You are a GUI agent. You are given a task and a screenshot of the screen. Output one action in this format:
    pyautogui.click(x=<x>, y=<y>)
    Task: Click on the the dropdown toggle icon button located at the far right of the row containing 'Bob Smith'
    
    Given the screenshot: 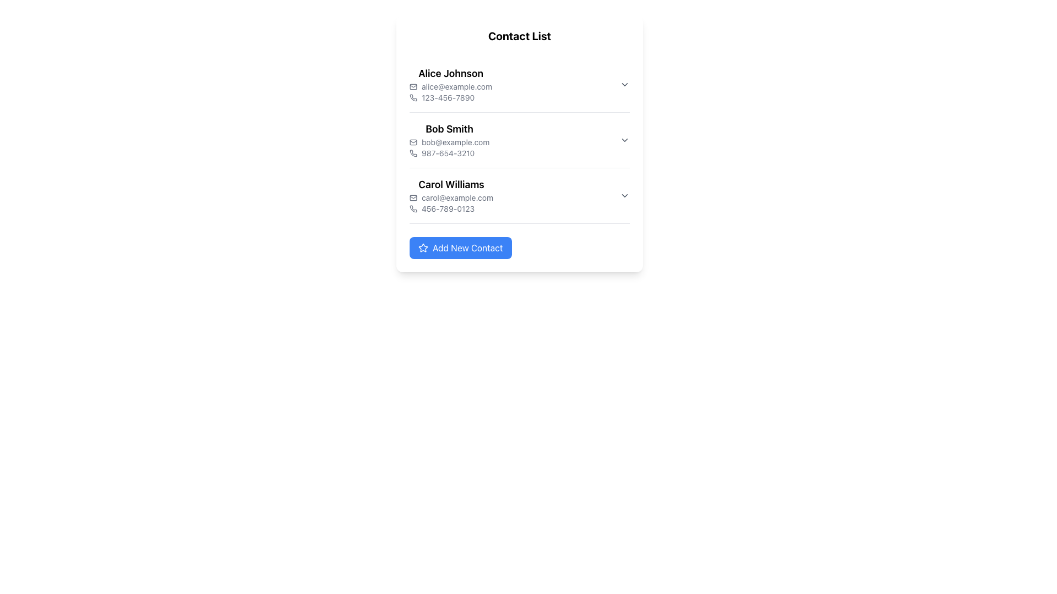 What is the action you would take?
    pyautogui.click(x=624, y=139)
    